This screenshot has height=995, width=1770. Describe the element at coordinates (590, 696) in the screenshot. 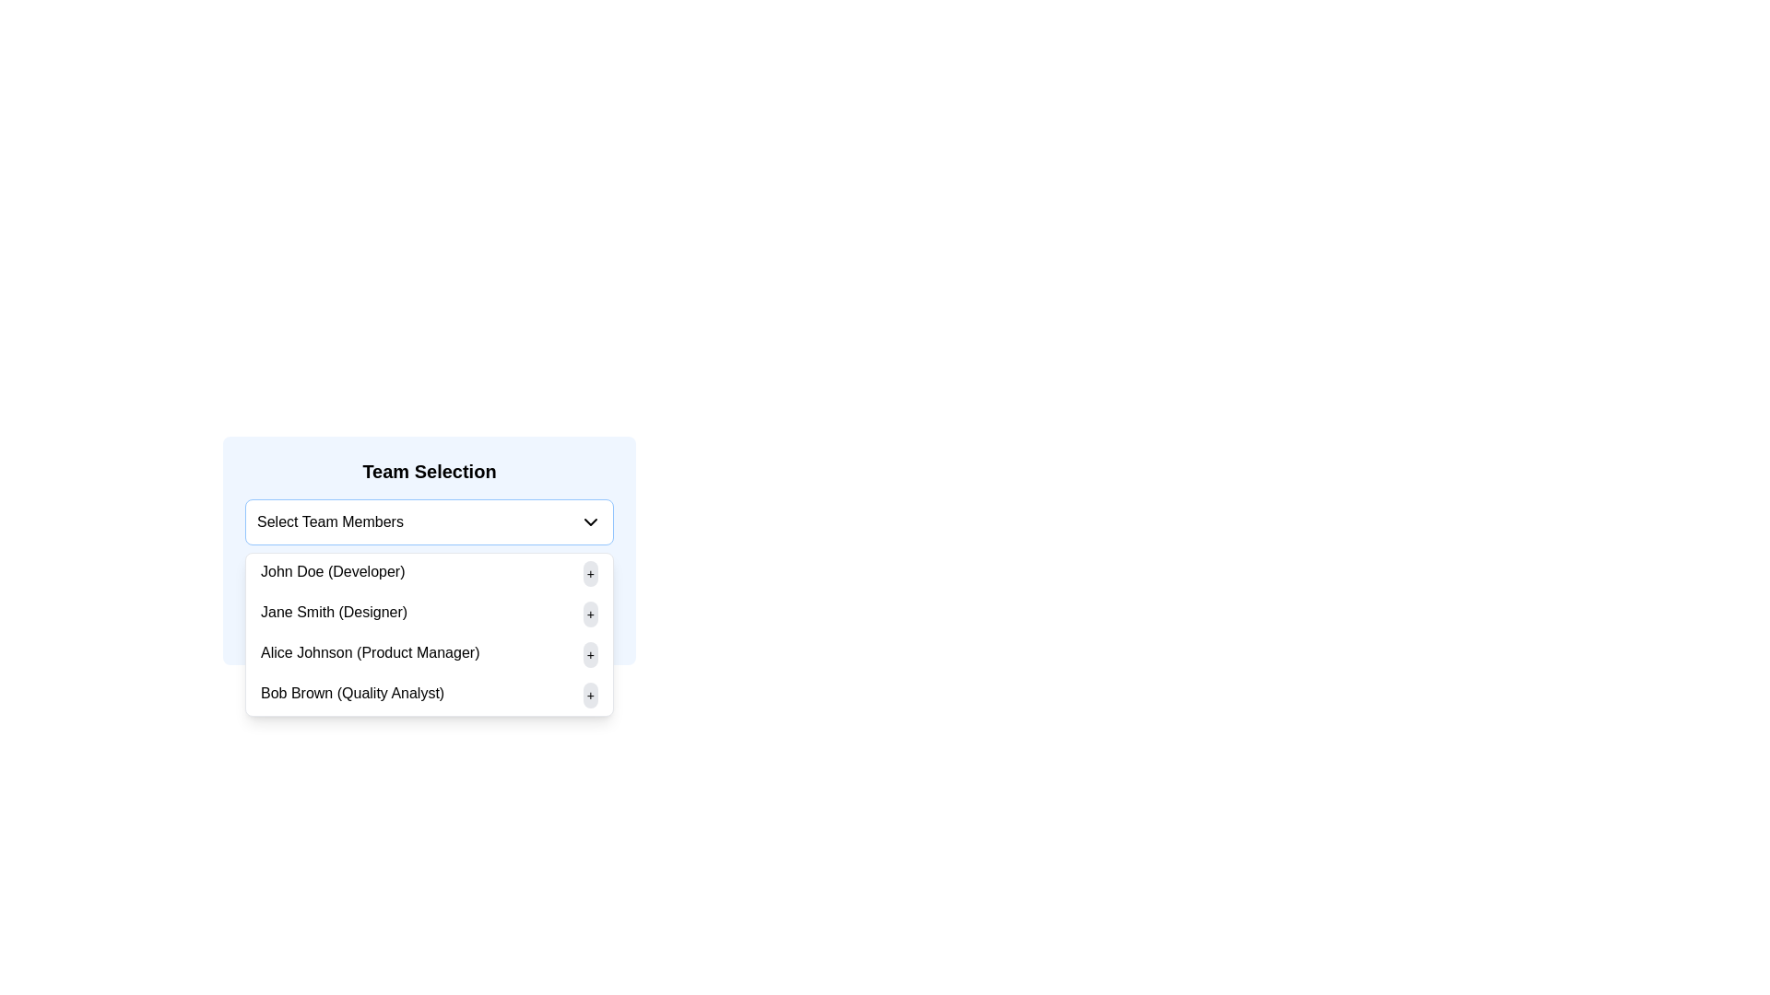

I see `the fourth '+' button in the list to add or select 'Bob Brown (Quality Analyst)'` at that location.